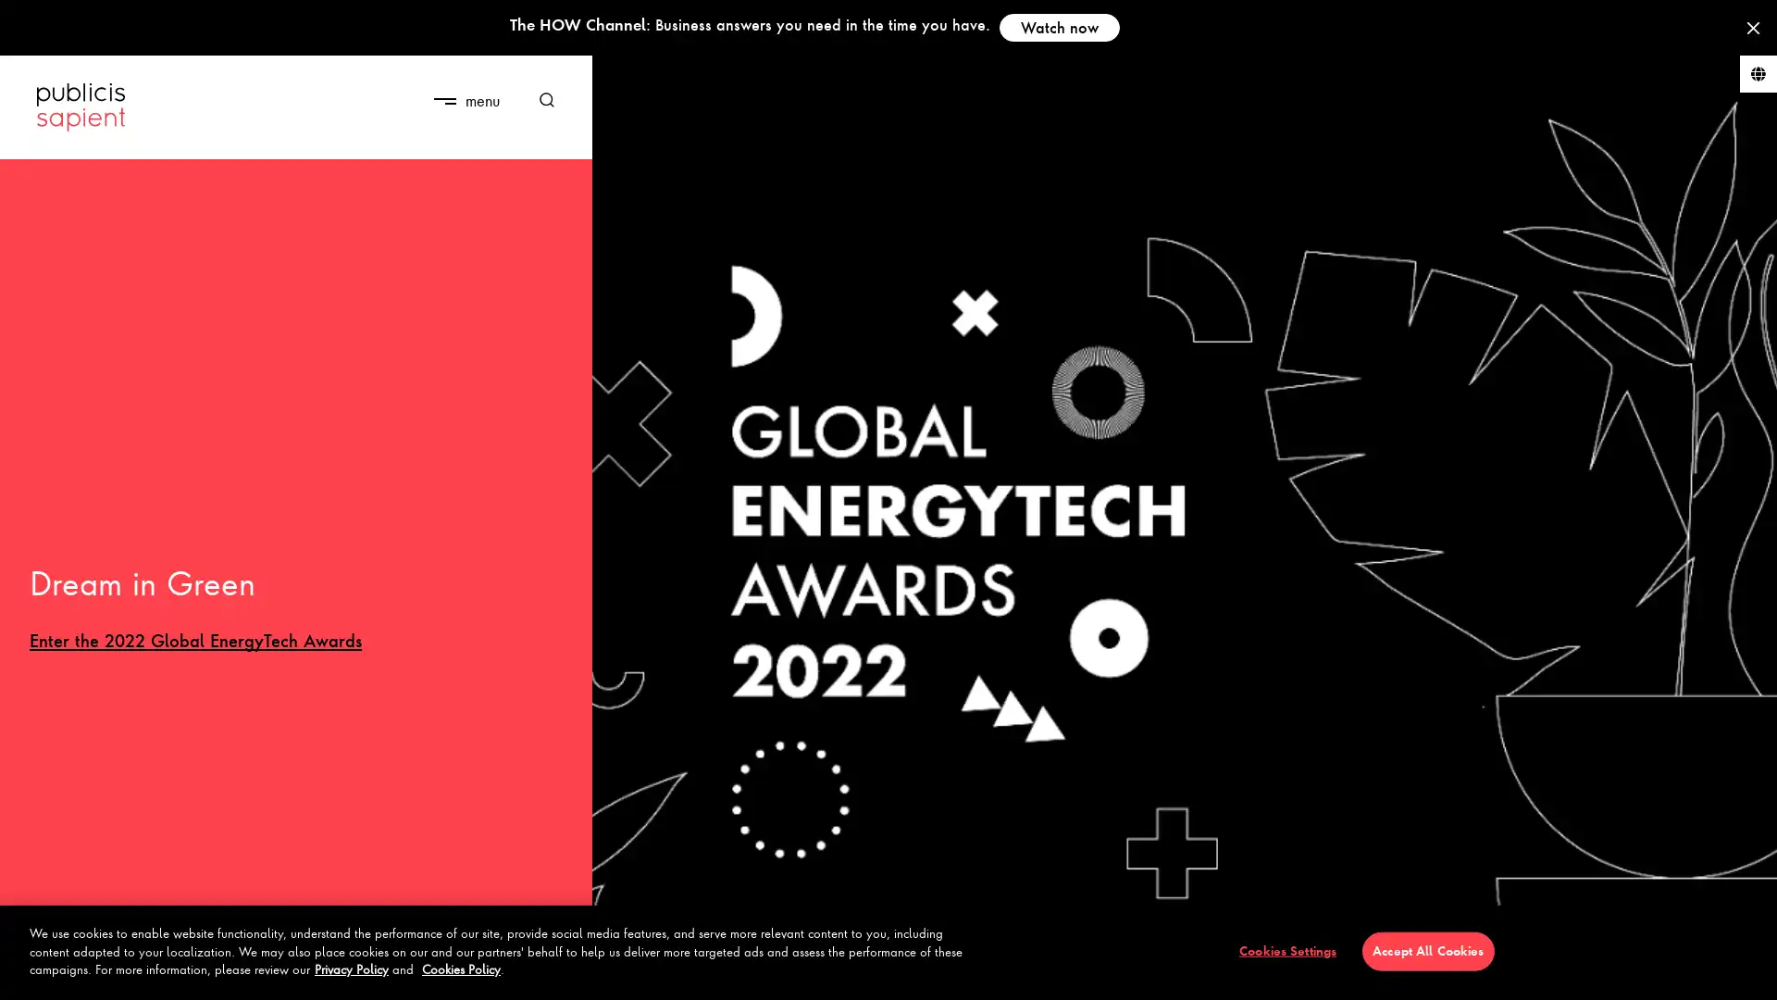 The height and width of the screenshot is (1000, 1777). Describe the element at coordinates (137, 974) in the screenshot. I see `Display Slide 4` at that location.